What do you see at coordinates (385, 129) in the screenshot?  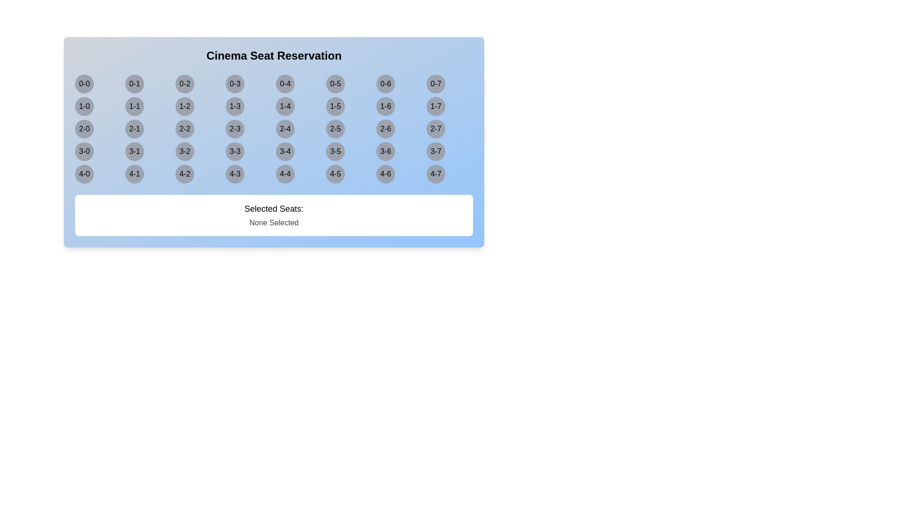 I see `the selectable seat button located in the third row and seventh column of the 'Cinema Seat Reservation' grid to visualize the hover effect` at bounding box center [385, 129].